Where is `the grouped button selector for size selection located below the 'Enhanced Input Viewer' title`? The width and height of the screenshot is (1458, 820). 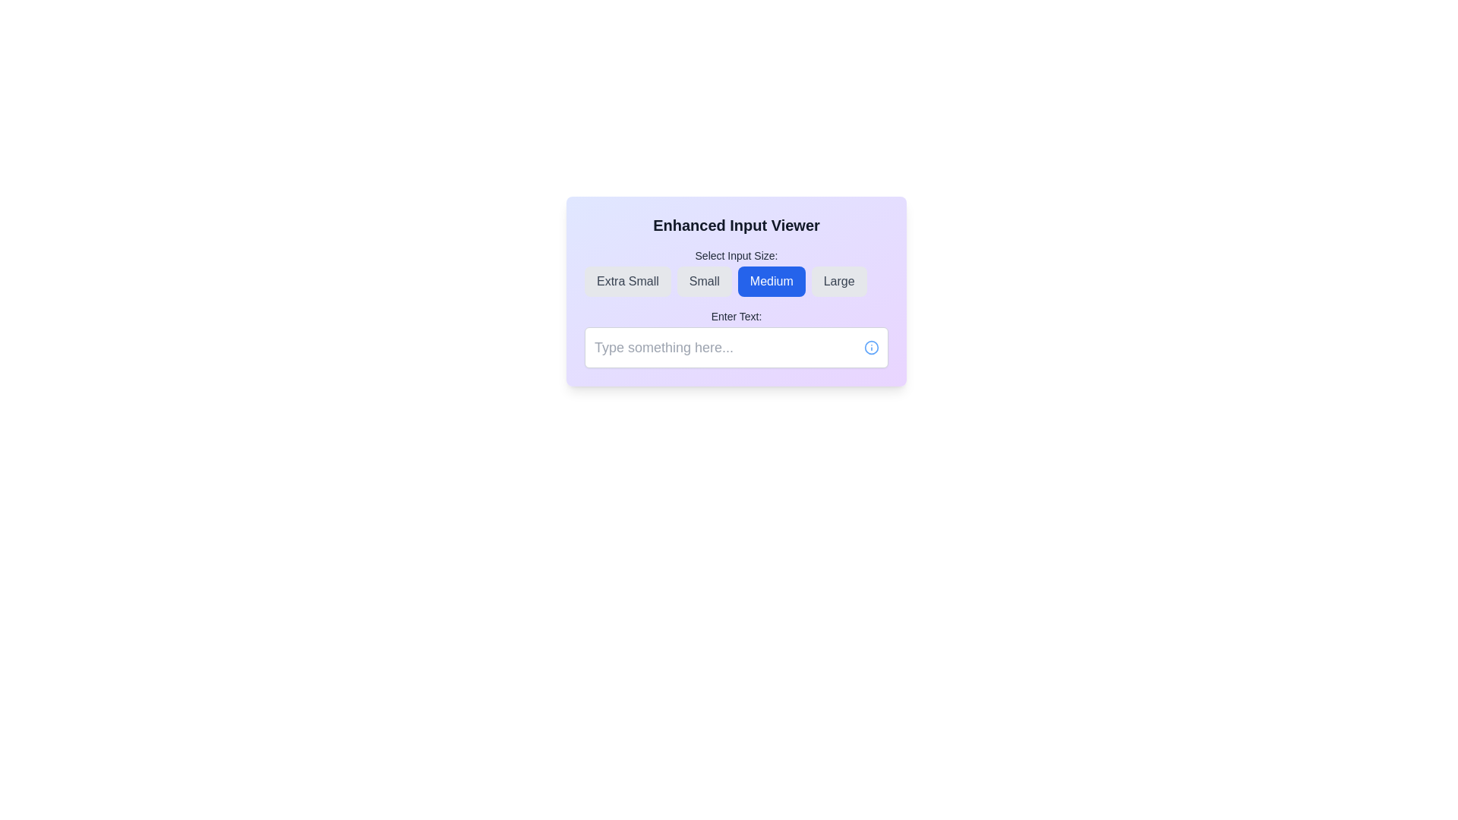 the grouped button selector for size selection located below the 'Enhanced Input Viewer' title is located at coordinates (736, 271).